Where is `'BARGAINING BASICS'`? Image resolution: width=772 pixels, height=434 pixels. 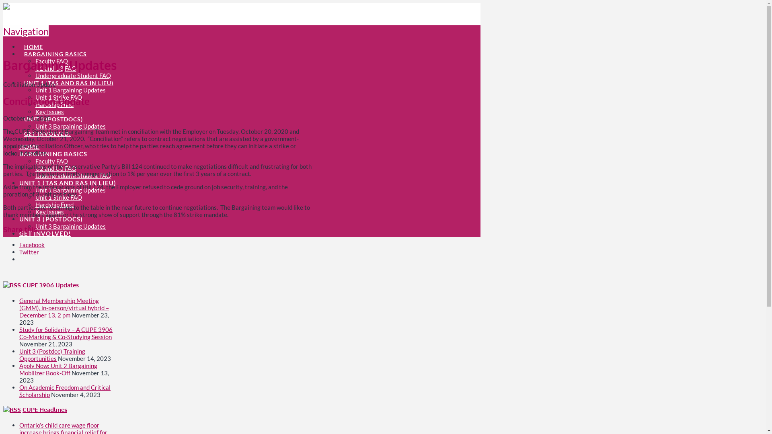
'BARGAINING BASICS' is located at coordinates (53, 154).